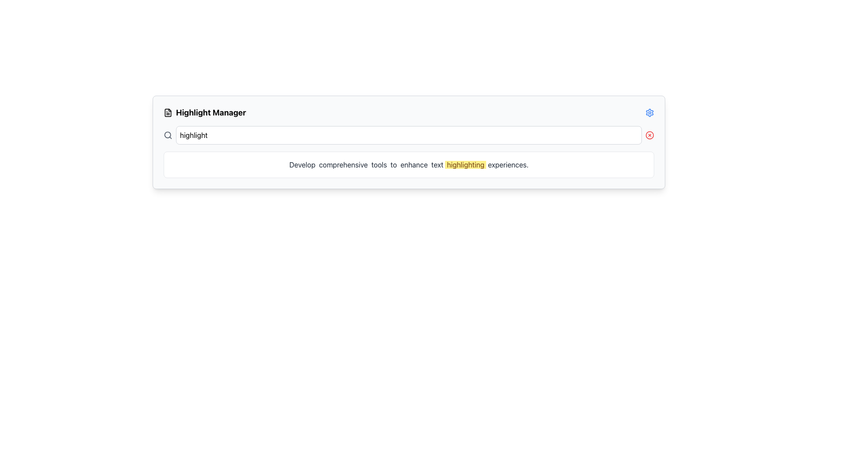 Image resolution: width=847 pixels, height=476 pixels. What do you see at coordinates (650, 112) in the screenshot?
I see `the icon-shaped button located on the far right of the 'Highlight Manager' header bar` at bounding box center [650, 112].